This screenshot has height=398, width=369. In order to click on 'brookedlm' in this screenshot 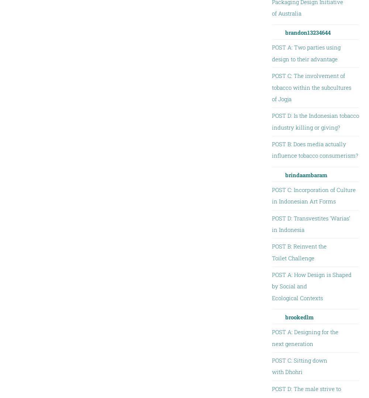, I will do `click(299, 316)`.